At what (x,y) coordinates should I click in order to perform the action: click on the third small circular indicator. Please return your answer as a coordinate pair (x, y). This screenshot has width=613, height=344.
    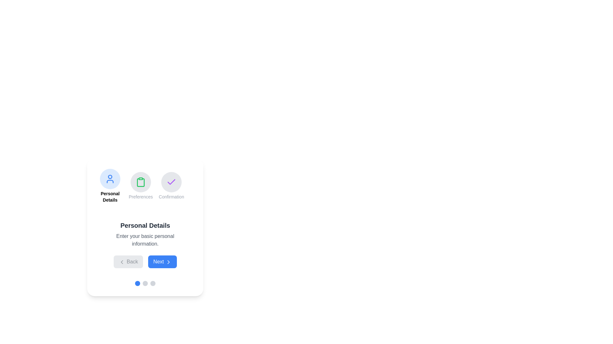
    Looking at the image, I should click on (153, 283).